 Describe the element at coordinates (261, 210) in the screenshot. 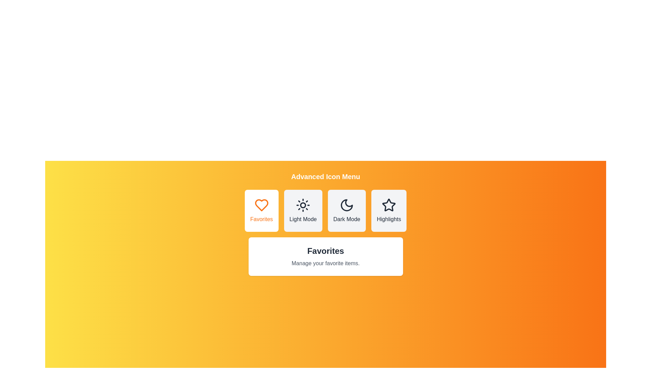

I see `the 'Favorites' button, which is a white rectangular button with an orange outline and an orange heart icon above the text label 'Favorites', located in the top-left corner of a row of buttons` at that location.